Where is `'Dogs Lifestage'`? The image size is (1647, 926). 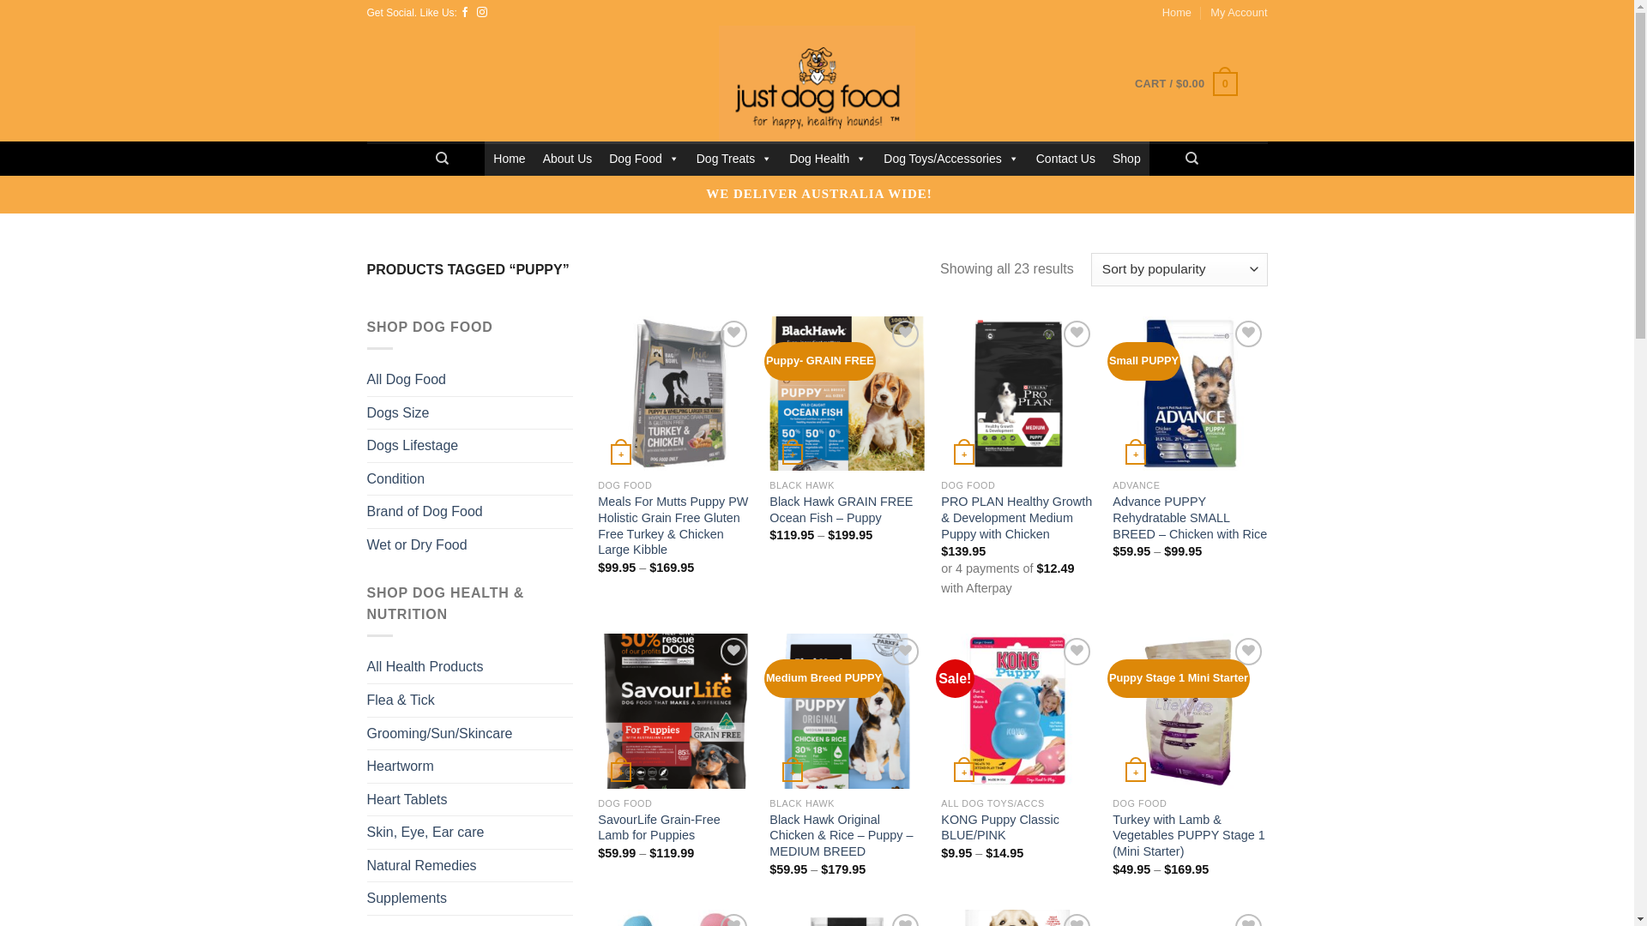
'Dogs Lifestage' is located at coordinates (413, 445).